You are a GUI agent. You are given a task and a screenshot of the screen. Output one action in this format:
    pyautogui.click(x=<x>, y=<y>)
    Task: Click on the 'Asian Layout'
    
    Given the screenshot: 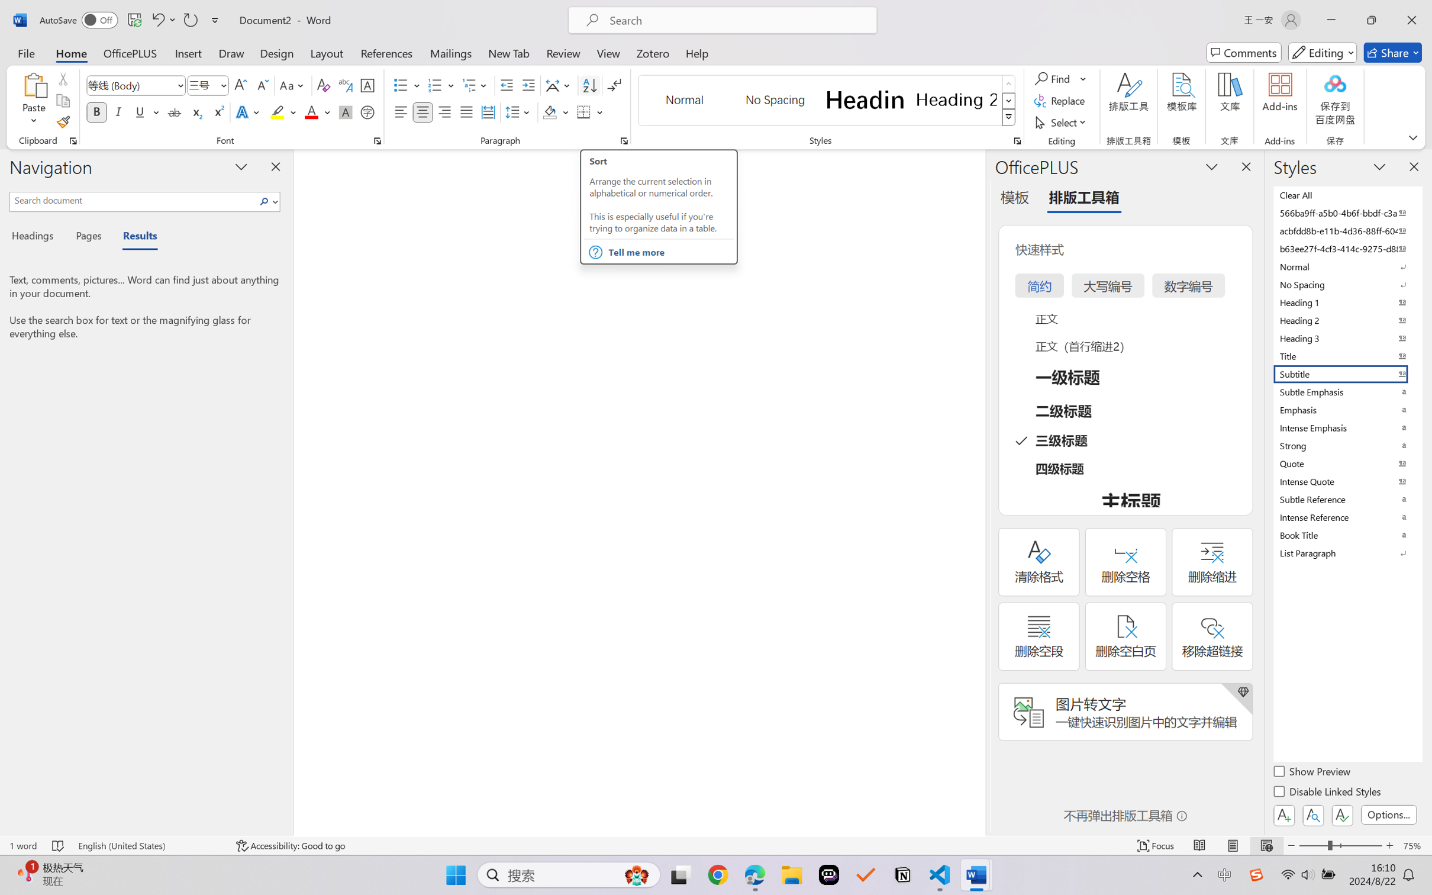 What is the action you would take?
    pyautogui.click(x=559, y=85)
    